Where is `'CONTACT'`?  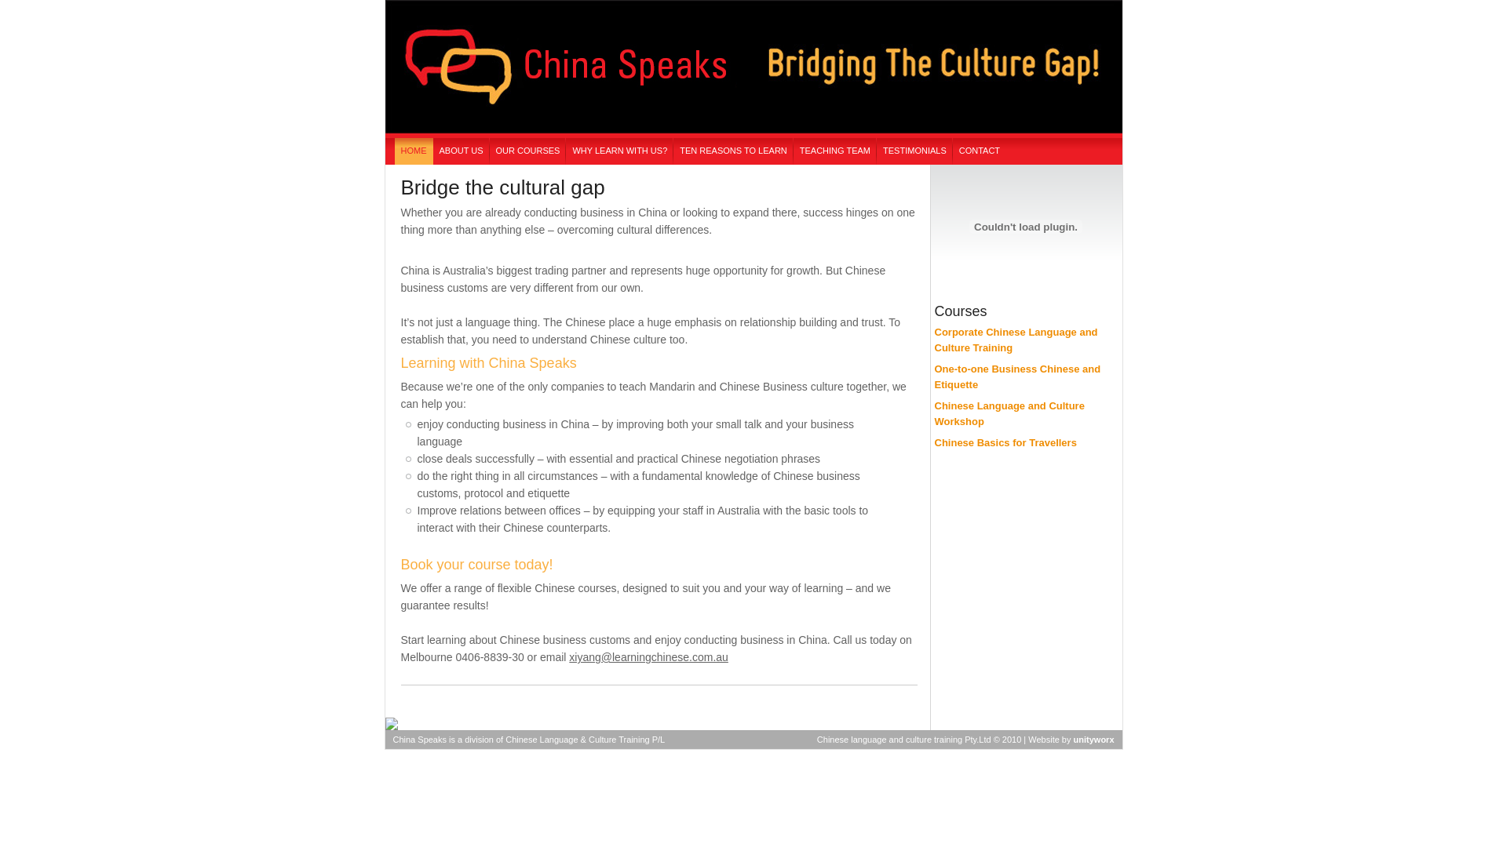 'CONTACT' is located at coordinates (979, 151).